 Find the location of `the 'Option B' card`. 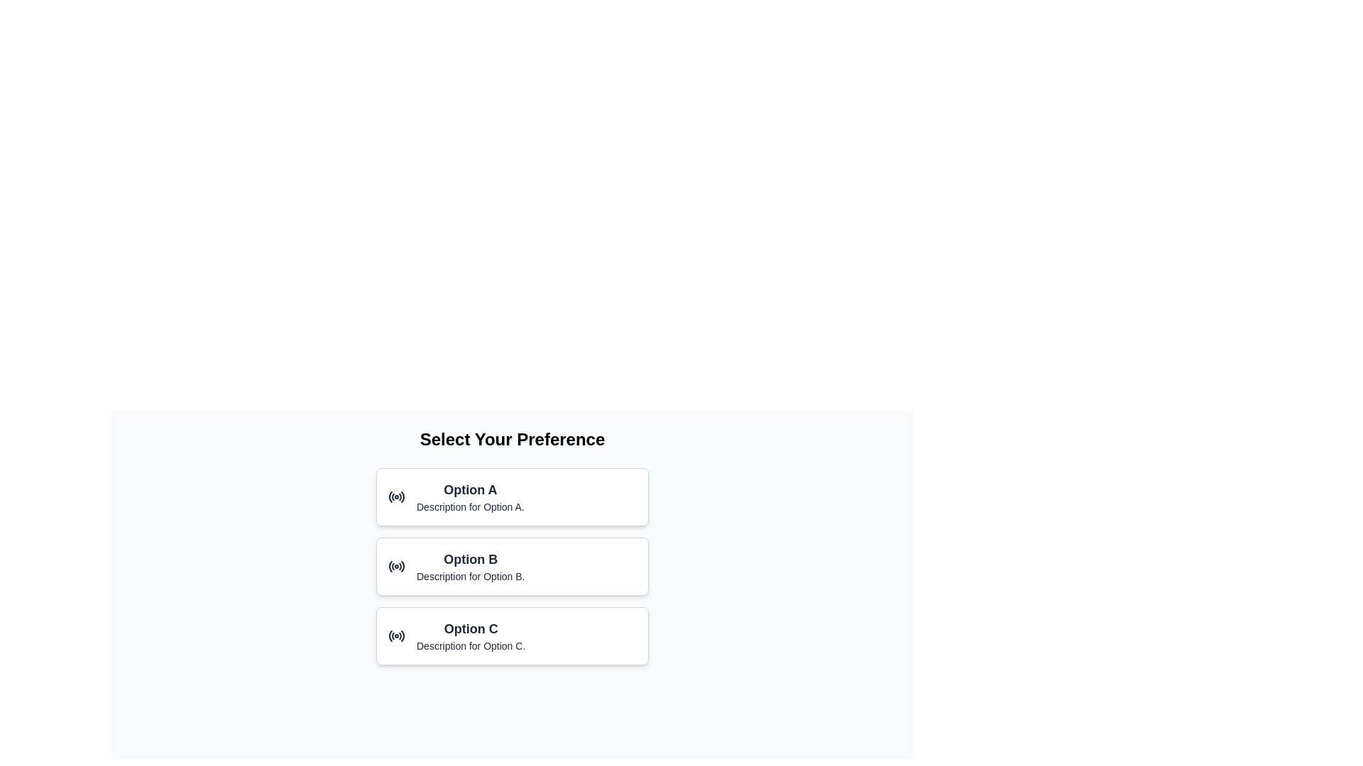

the 'Option B' card is located at coordinates (511, 565).